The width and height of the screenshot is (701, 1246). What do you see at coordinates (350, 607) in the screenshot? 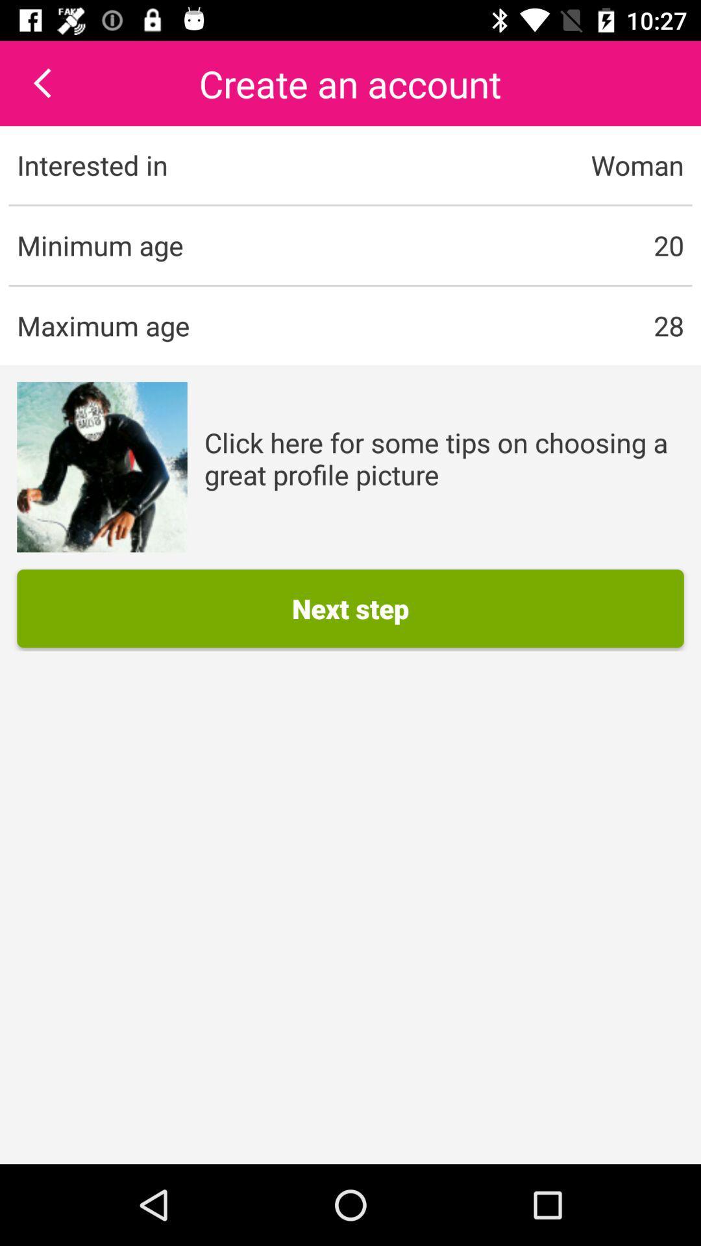
I see `the field next step` at bounding box center [350, 607].